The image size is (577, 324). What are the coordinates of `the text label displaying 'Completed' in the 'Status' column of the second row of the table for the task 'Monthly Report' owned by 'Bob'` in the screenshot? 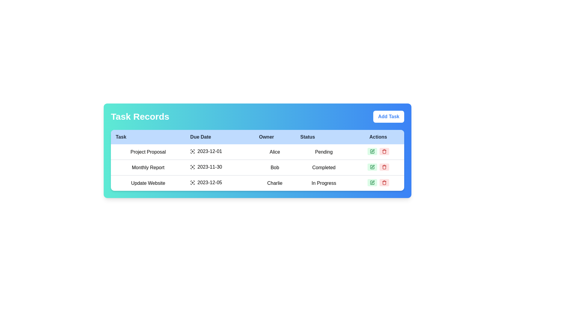 It's located at (323, 167).